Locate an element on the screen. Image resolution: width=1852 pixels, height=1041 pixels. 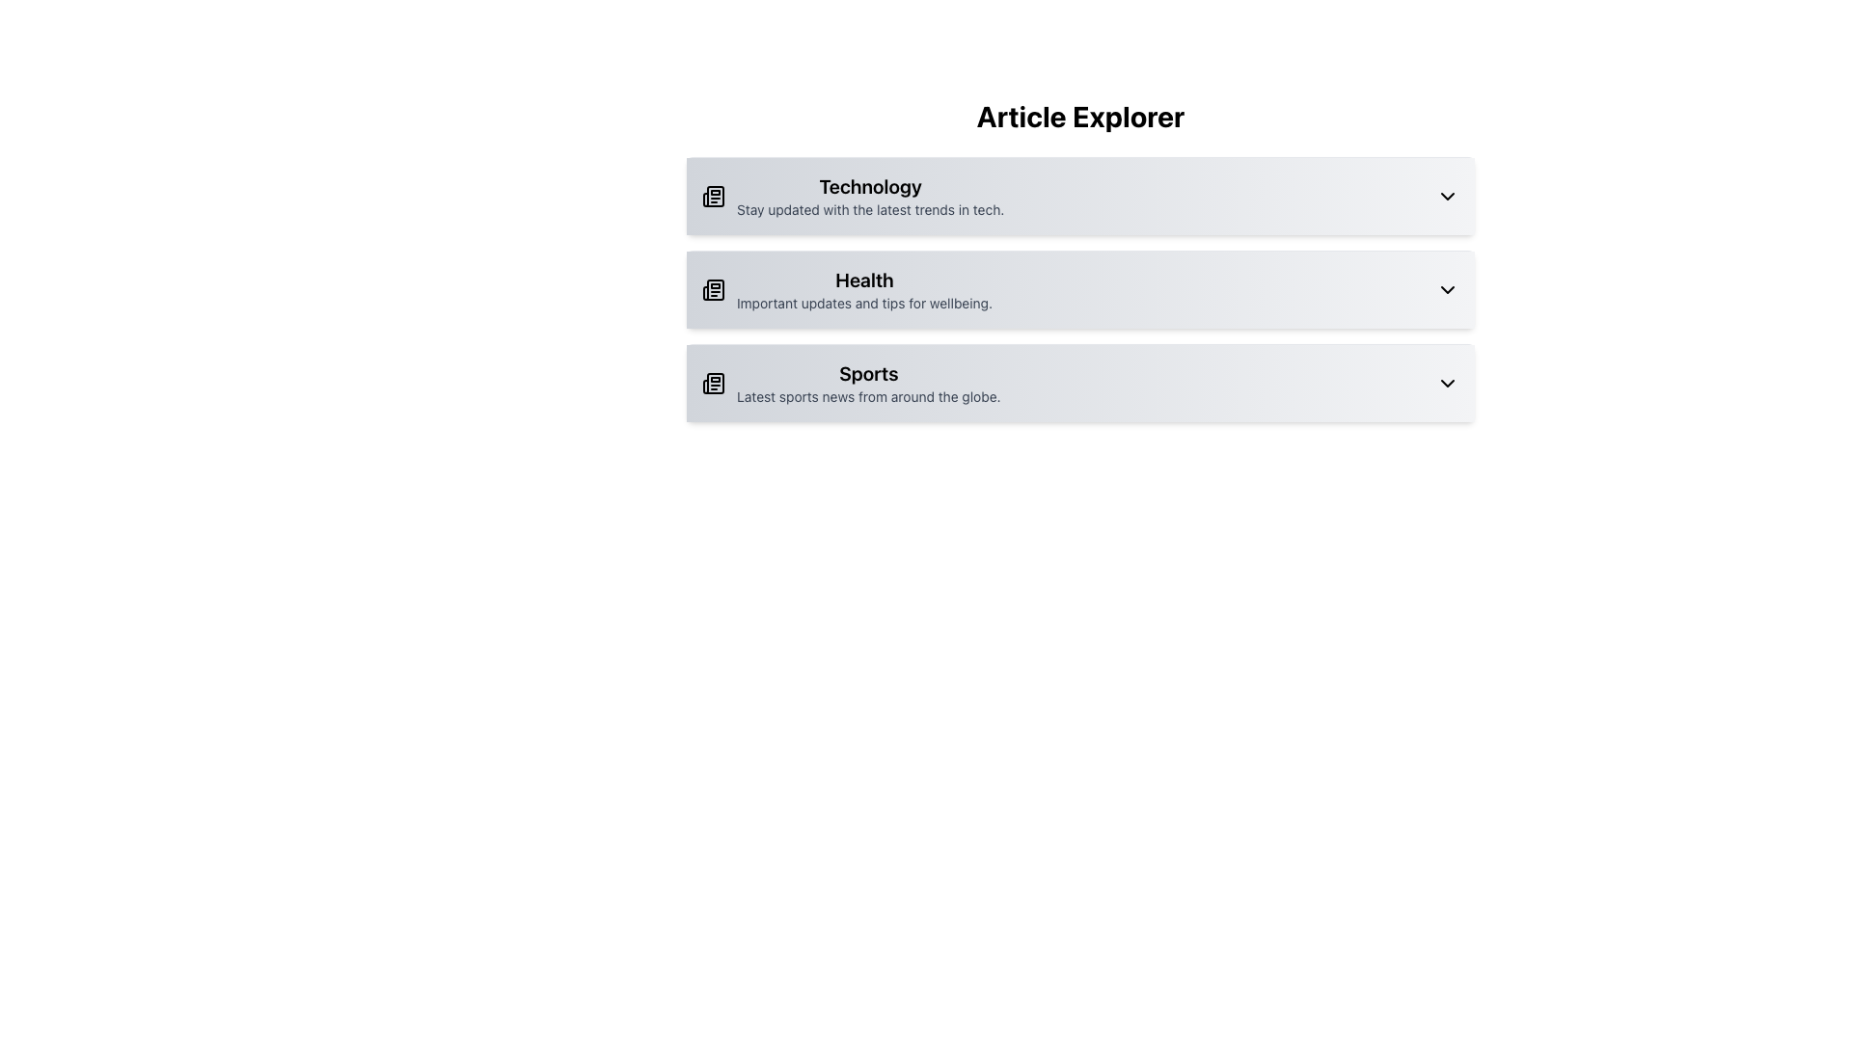
the chevron-down icon located at the far right end of the 'Health' item in the list, next to the text 'Important updates and tips for wellbeing.' is located at coordinates (1448, 289).